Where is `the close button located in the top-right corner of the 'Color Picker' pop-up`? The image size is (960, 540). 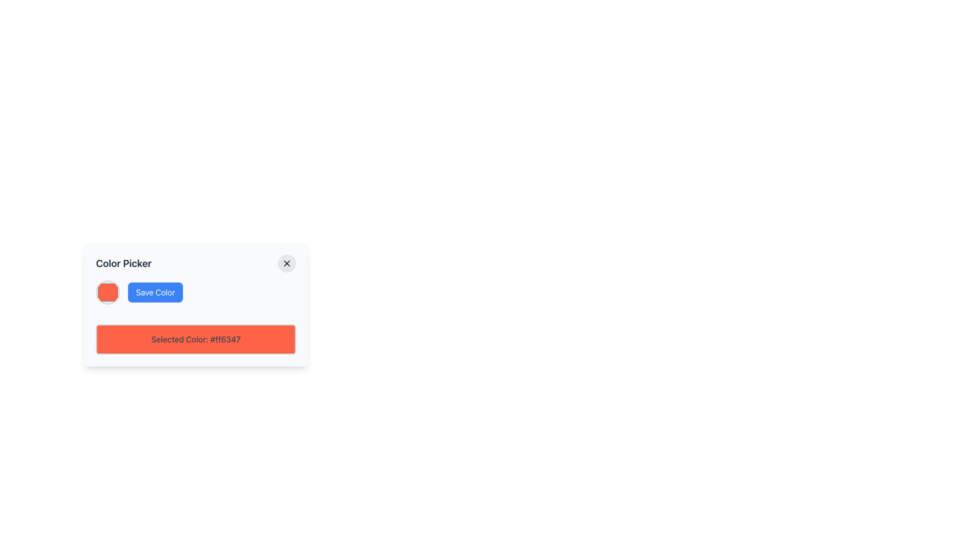 the close button located in the top-right corner of the 'Color Picker' pop-up is located at coordinates (286, 263).